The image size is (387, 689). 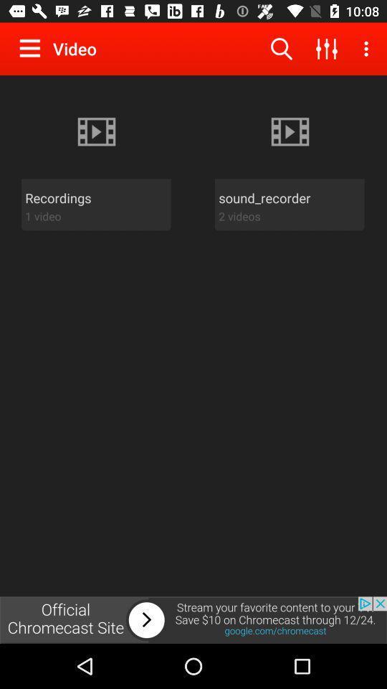 I want to click on chromecast advertisement, so click(x=193, y=619).